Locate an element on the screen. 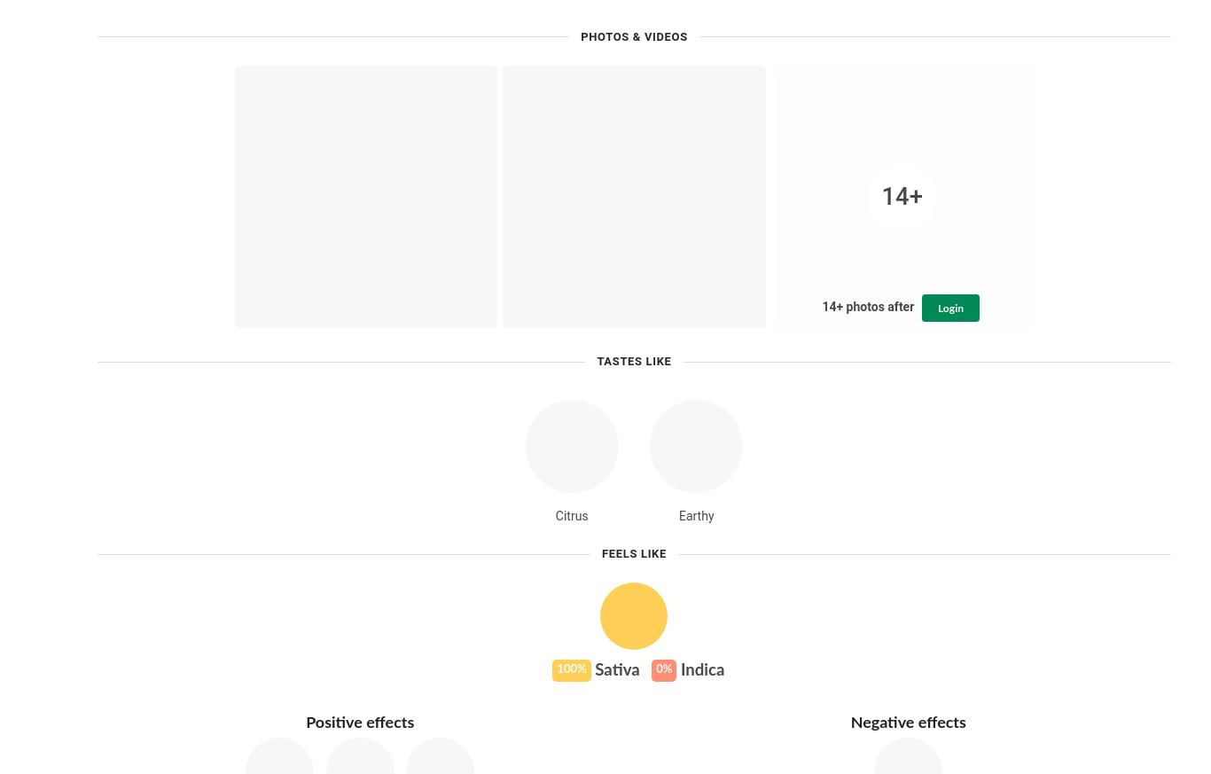 This screenshot has width=1211, height=774. 'Sativa' is located at coordinates (614, 669).